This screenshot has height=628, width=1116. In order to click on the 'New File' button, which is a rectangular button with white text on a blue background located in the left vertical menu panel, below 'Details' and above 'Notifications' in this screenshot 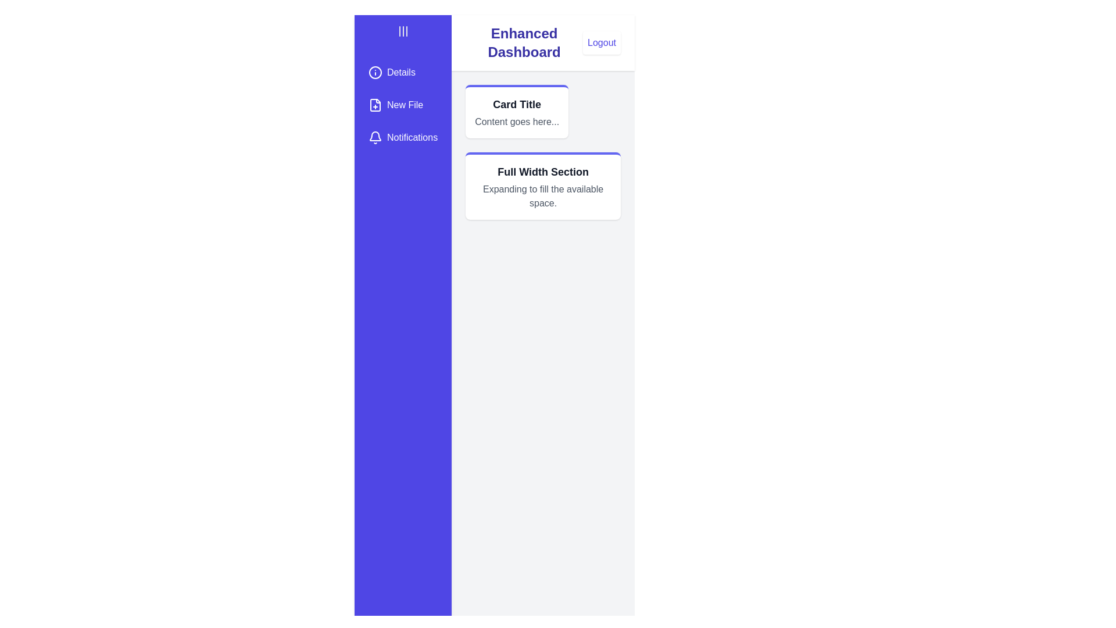, I will do `click(403, 105)`.